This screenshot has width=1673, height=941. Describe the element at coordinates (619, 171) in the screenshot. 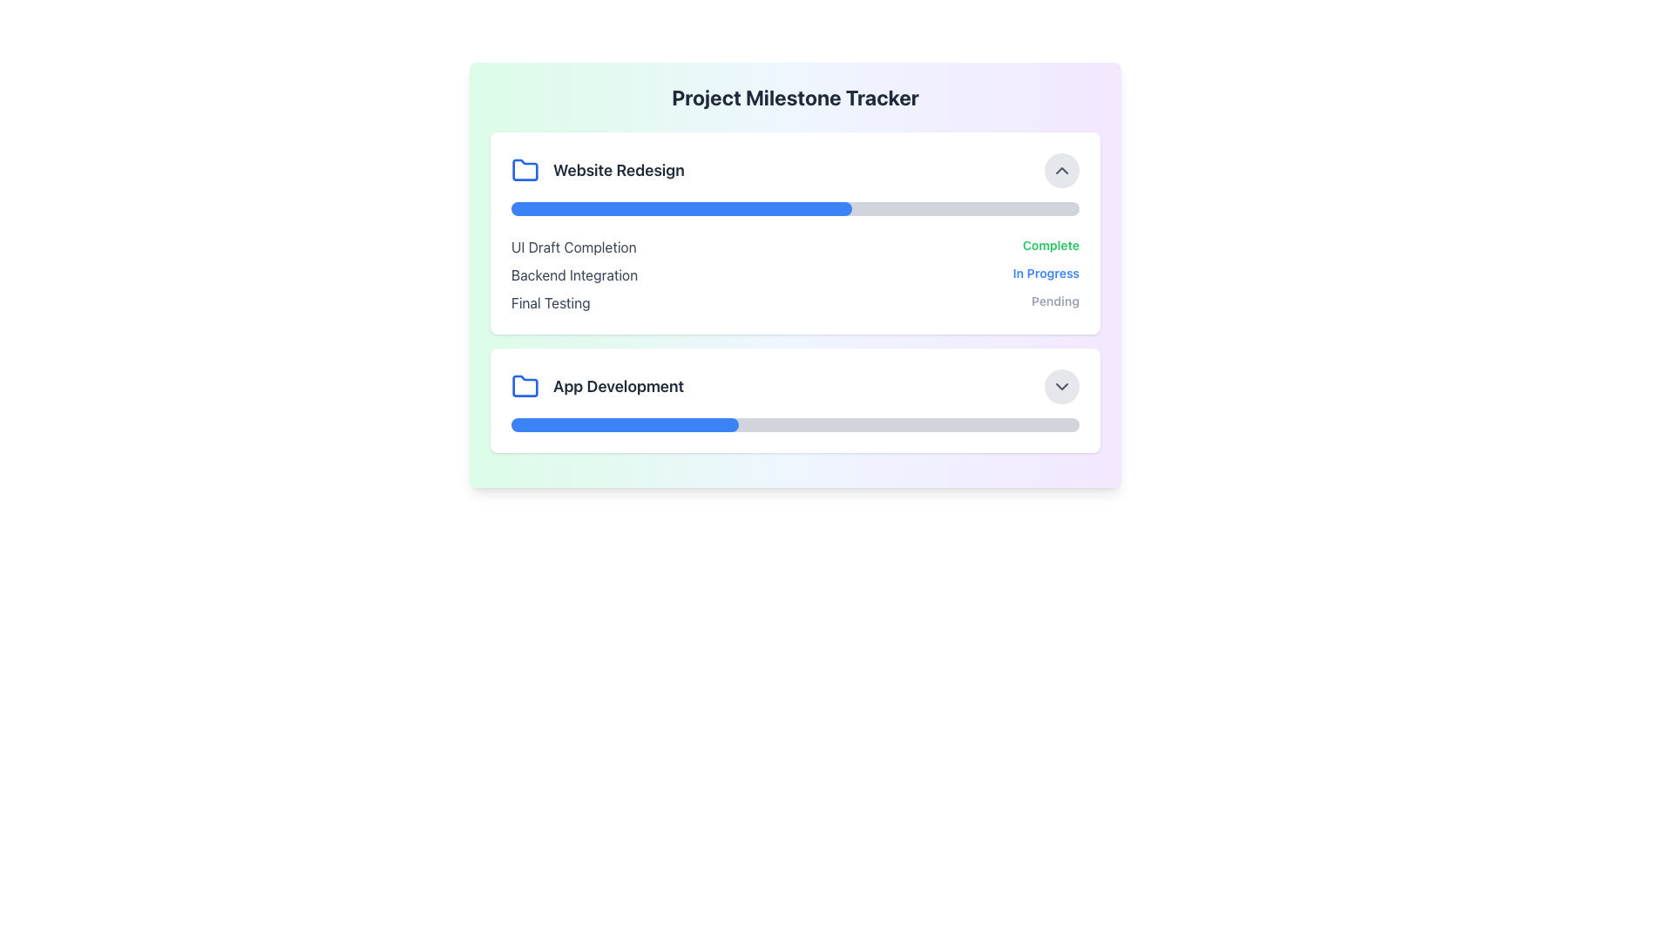

I see `text from the Text Label that serves as the header or title of a project milestone, located immediately to the right of a blue folder icon` at that location.